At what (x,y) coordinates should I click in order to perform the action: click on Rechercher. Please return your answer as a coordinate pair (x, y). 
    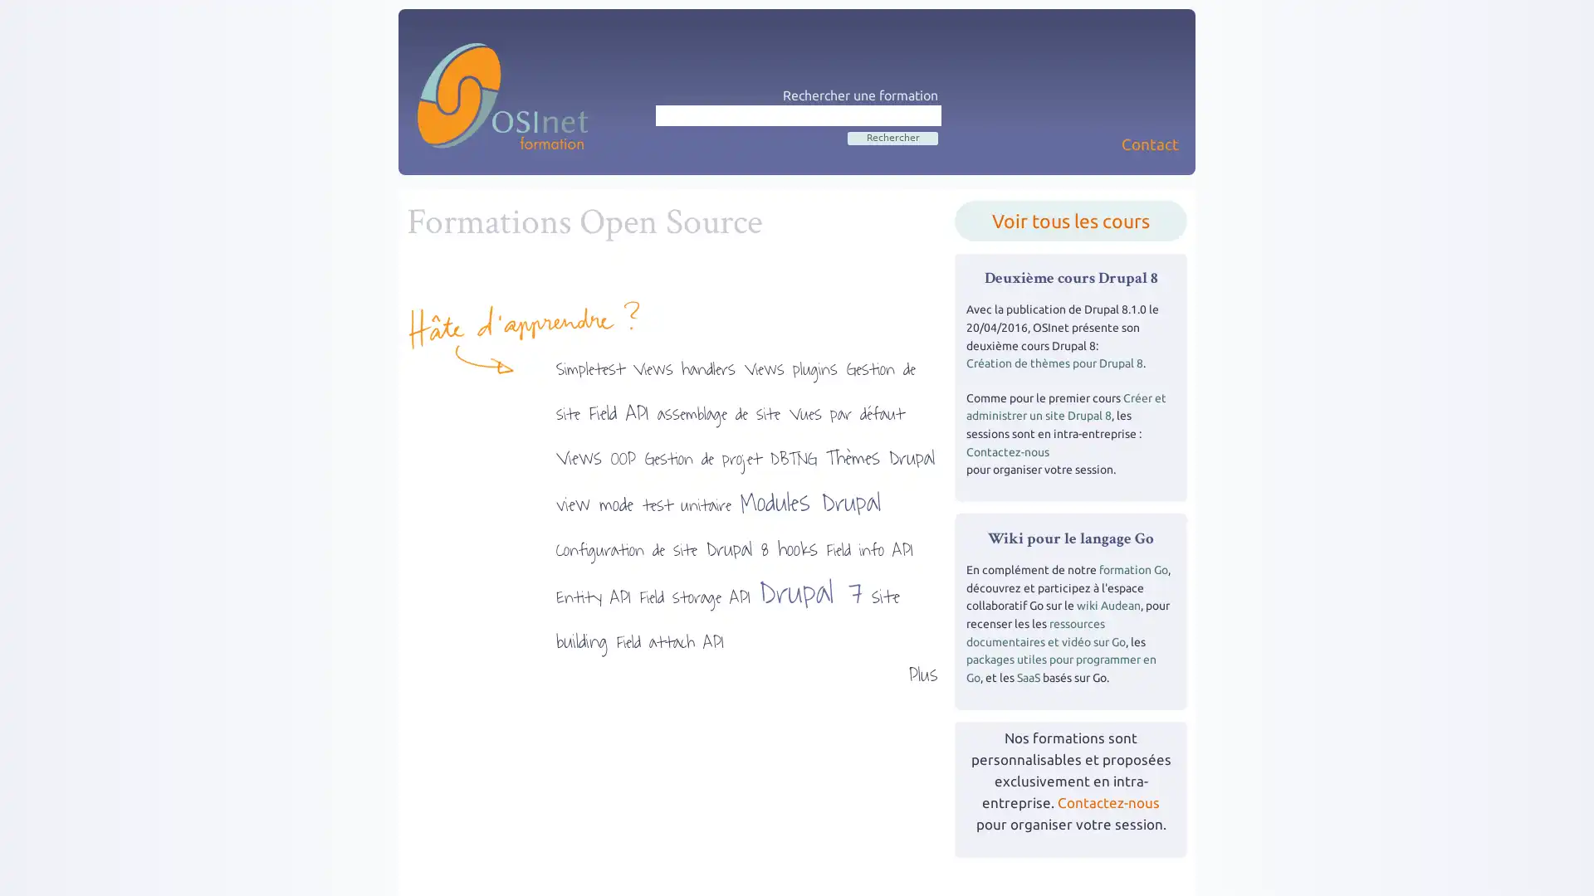
    Looking at the image, I should click on (892, 136).